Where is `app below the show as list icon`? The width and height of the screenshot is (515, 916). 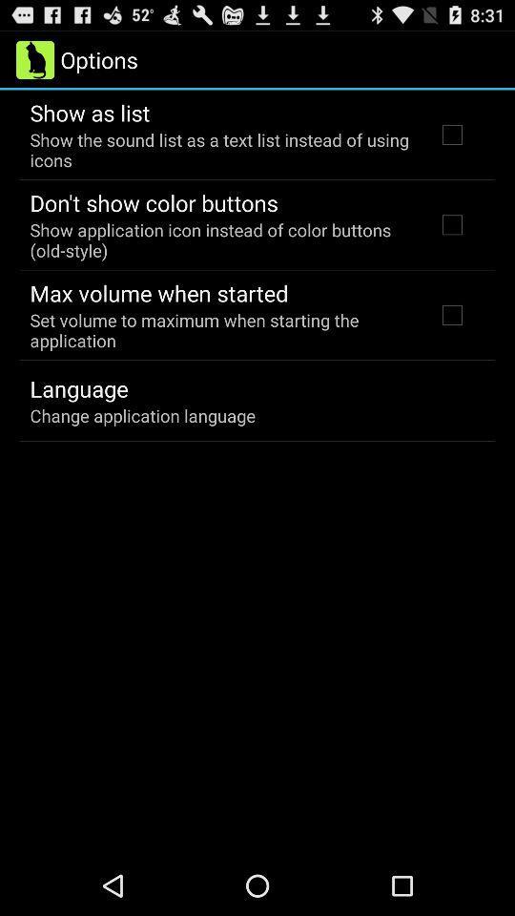 app below the show as list icon is located at coordinates (219, 149).